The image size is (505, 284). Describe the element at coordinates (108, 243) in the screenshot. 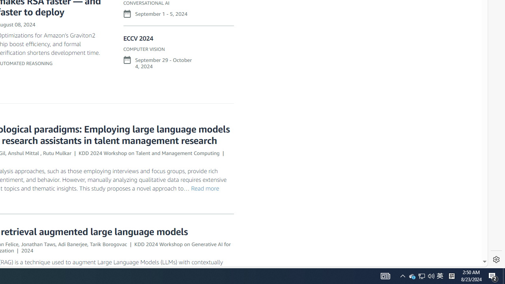

I see `'Tarik Borogovac'` at that location.